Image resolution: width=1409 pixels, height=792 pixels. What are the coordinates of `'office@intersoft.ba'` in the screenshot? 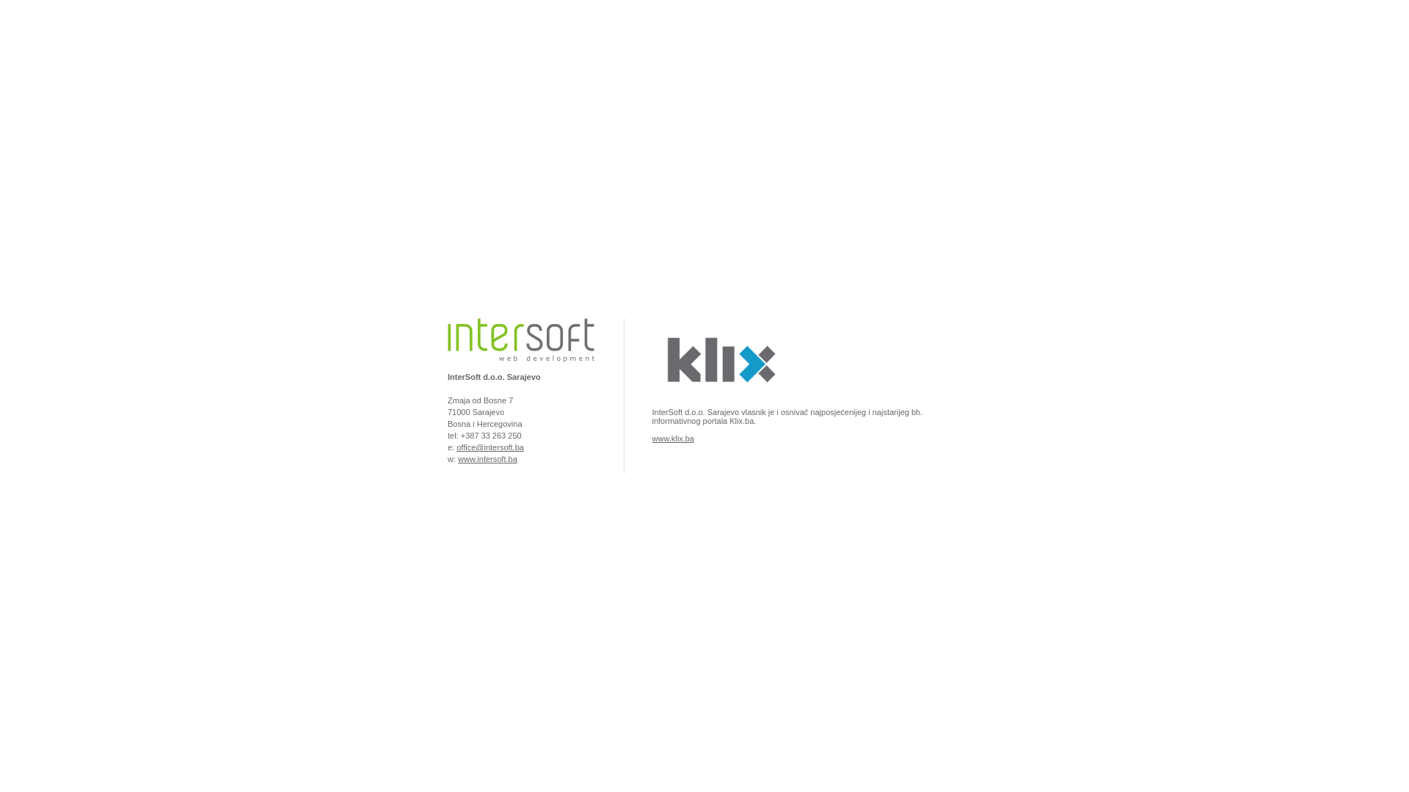 It's located at (456, 446).